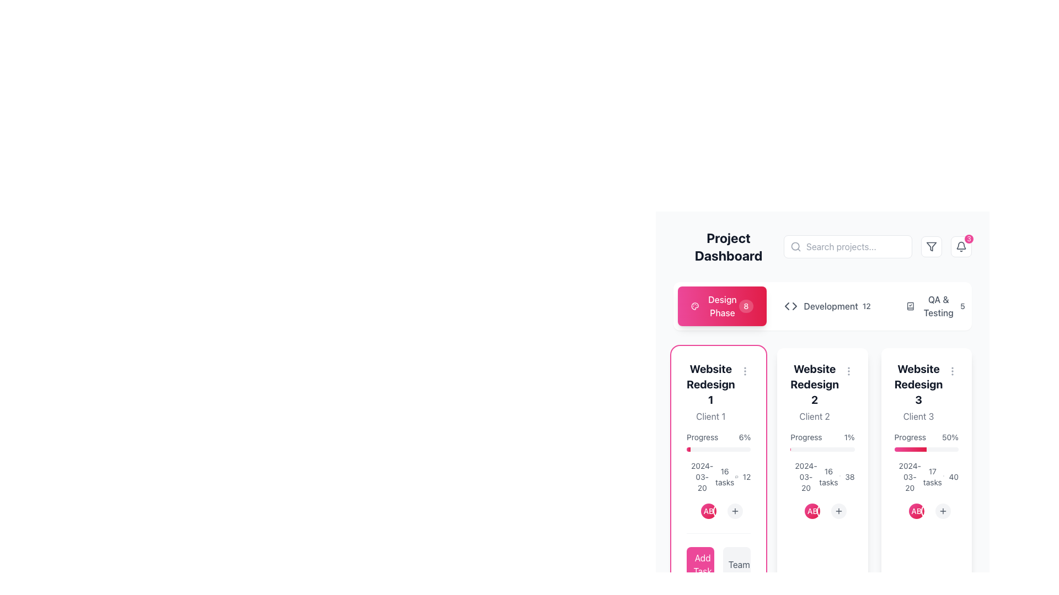 The width and height of the screenshot is (1059, 595). I want to click on the Text Label that displays 'Project Dashboard', which serves as the title of the workspace, so click(728, 246).